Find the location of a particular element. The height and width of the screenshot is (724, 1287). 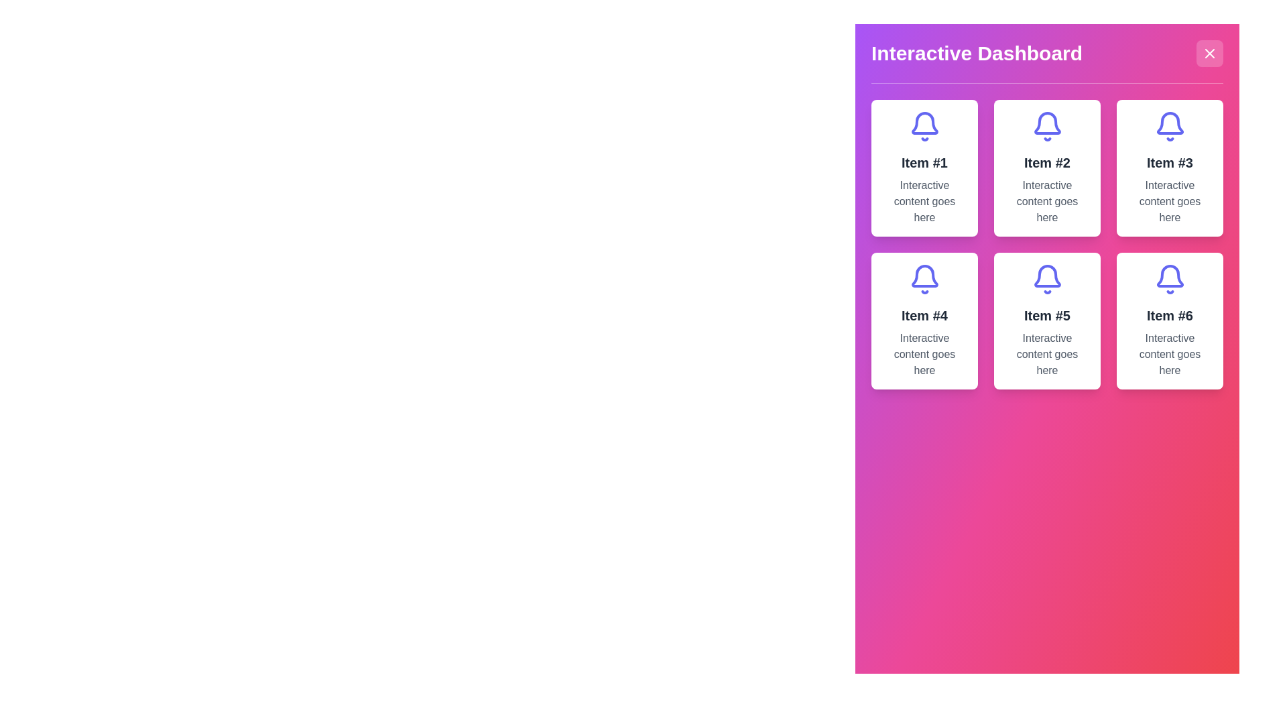

the card with a white background and indigo bell icon labeled 'Item #6' located in the bottom-right corner of the grid layout is located at coordinates (1169, 320).